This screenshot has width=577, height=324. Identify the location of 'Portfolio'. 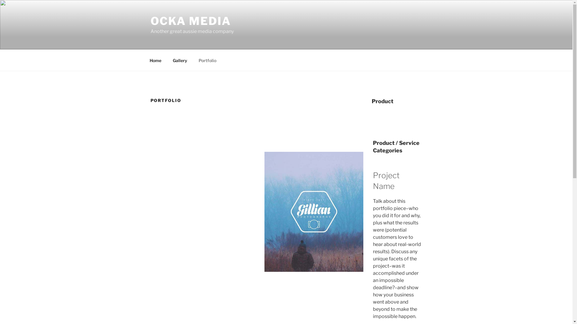
(208, 60).